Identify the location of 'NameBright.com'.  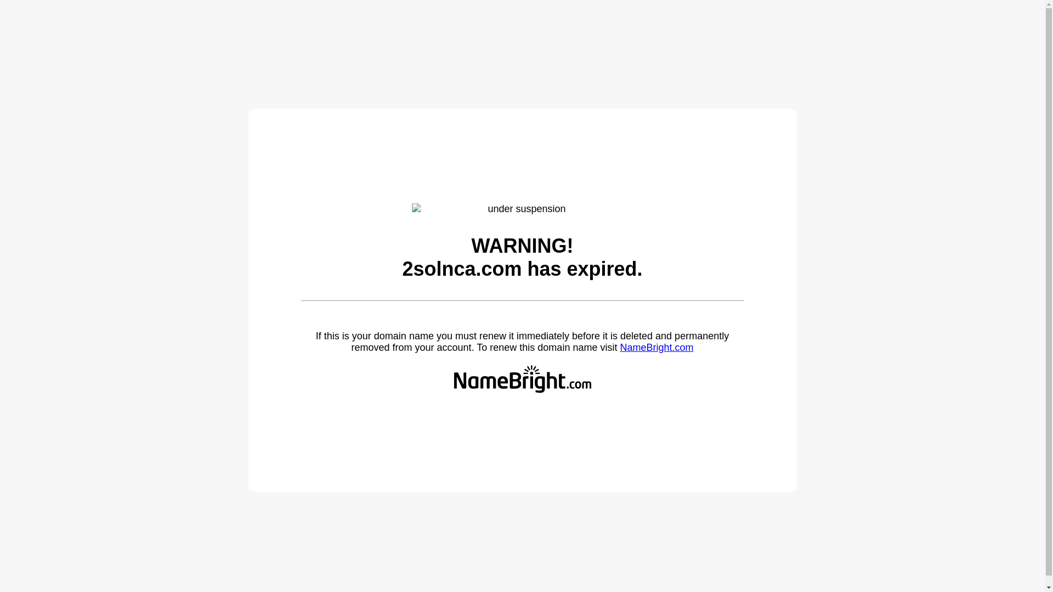
(619, 347).